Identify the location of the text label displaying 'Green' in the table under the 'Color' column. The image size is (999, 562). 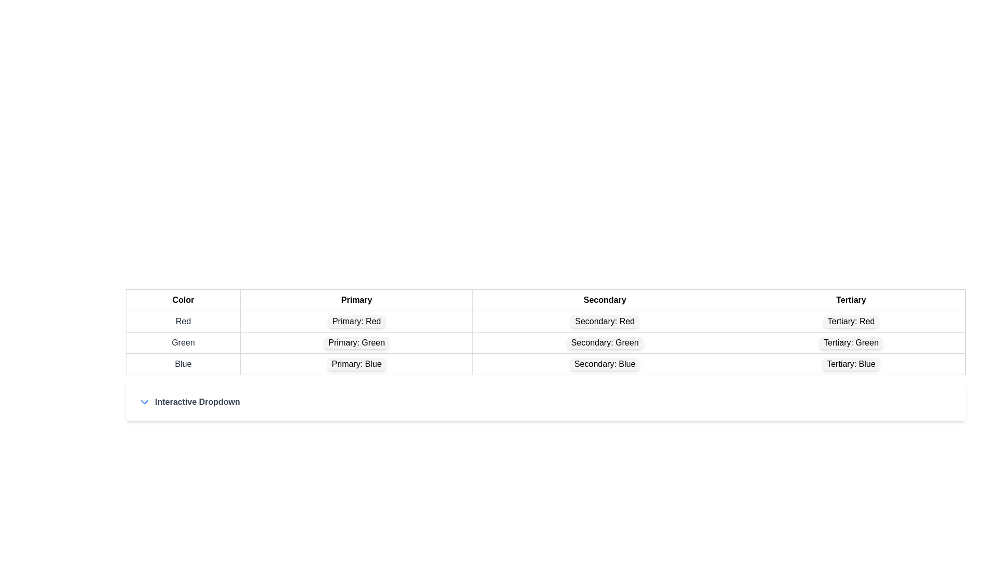
(183, 343).